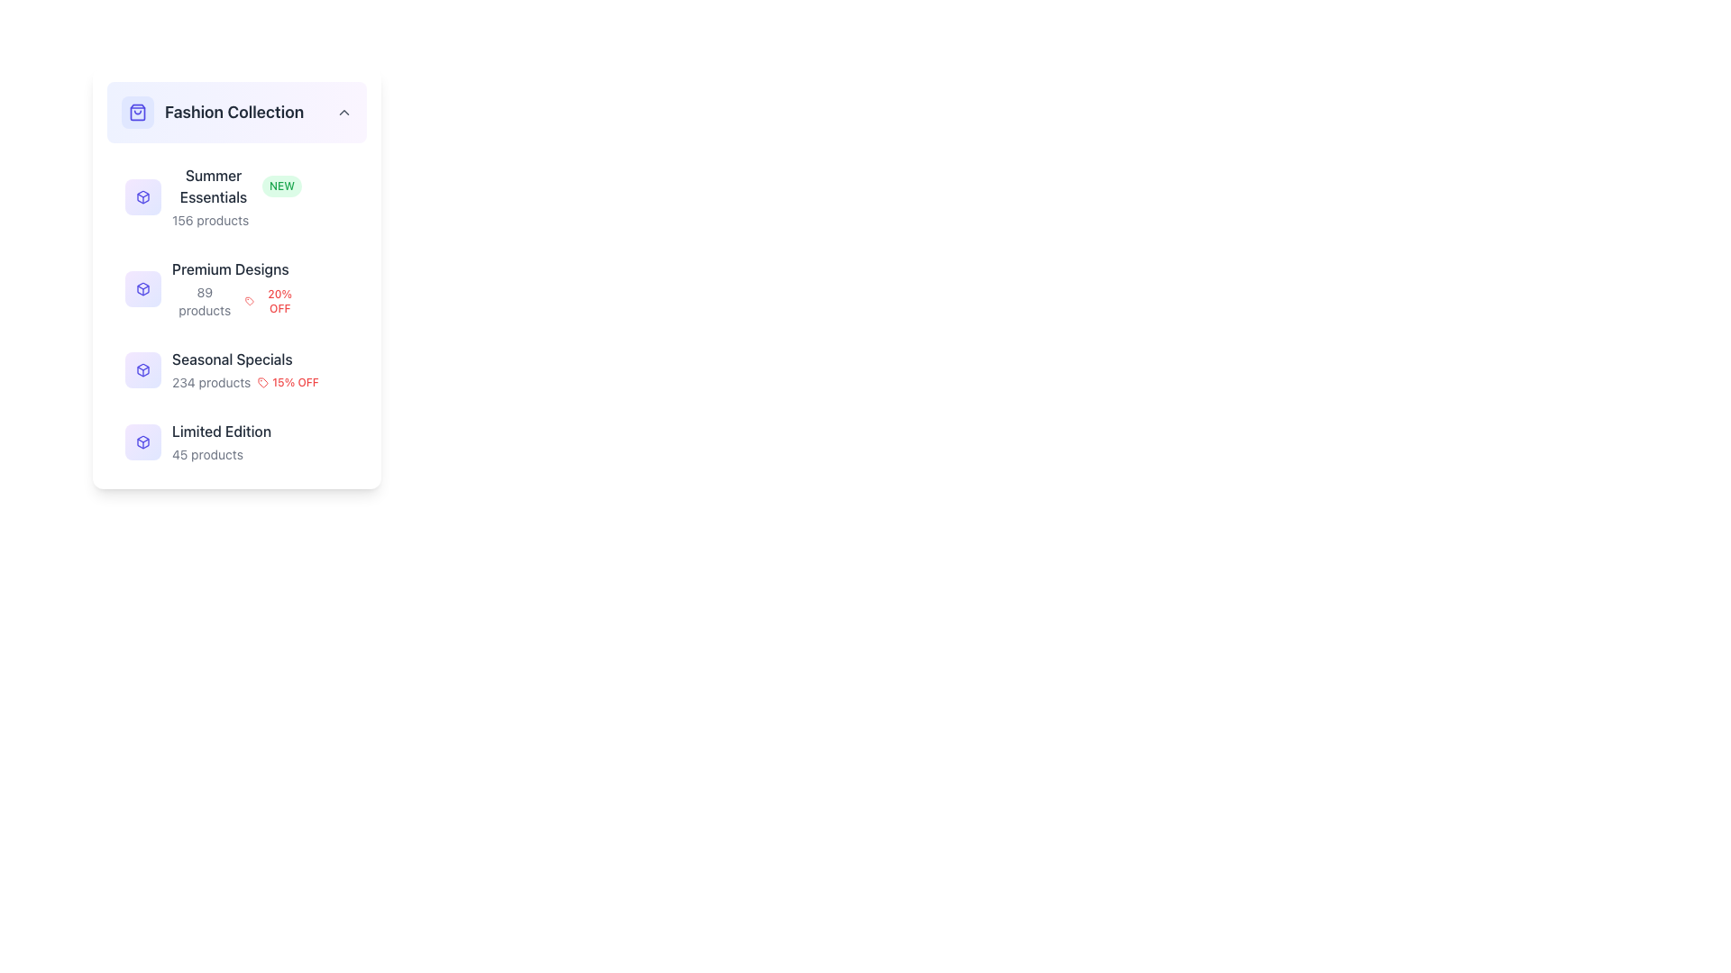 The image size is (1731, 973). Describe the element at coordinates (236, 301) in the screenshot. I see `informational text block displaying '89 products' and '20% OFF' located under the 'Premium Designs' section` at that location.